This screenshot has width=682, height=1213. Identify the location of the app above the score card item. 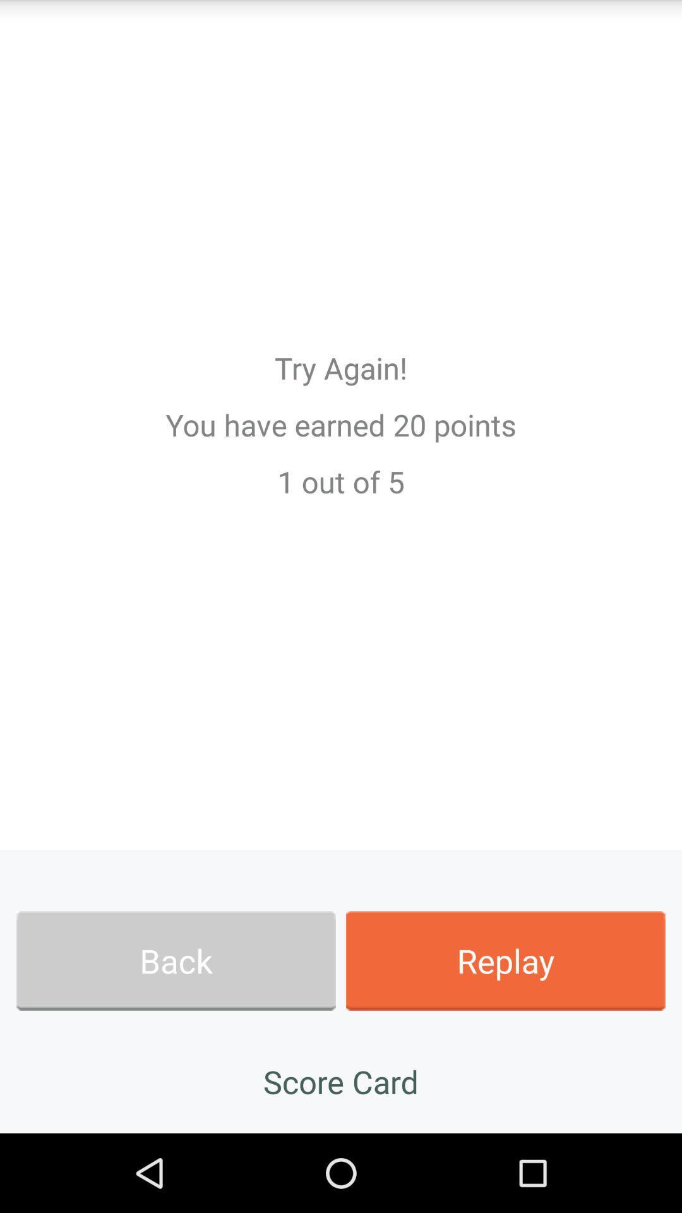
(176, 960).